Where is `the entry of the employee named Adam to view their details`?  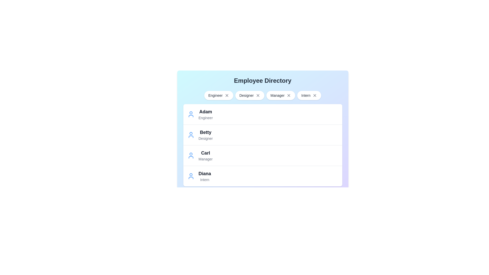 the entry of the employee named Adam to view their details is located at coordinates (191, 114).